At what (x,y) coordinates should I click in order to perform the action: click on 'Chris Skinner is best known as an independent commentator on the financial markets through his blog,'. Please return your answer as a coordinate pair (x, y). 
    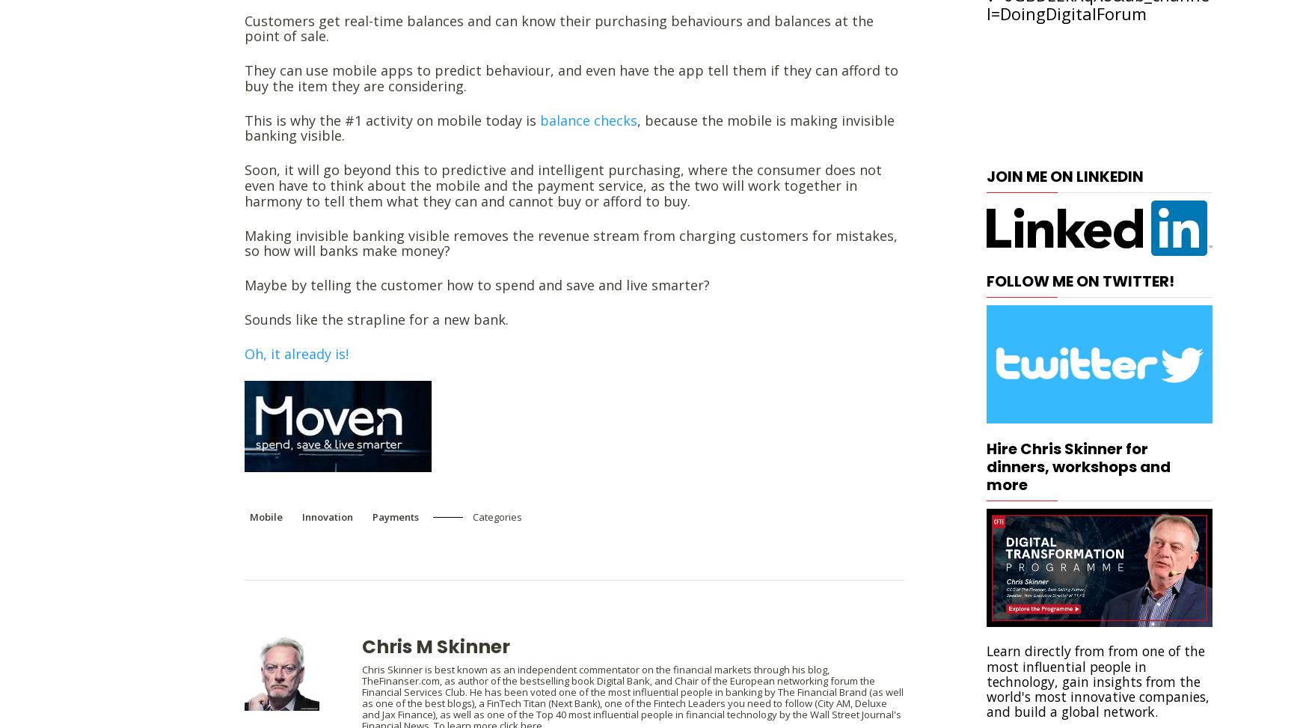
    Looking at the image, I should click on (595, 669).